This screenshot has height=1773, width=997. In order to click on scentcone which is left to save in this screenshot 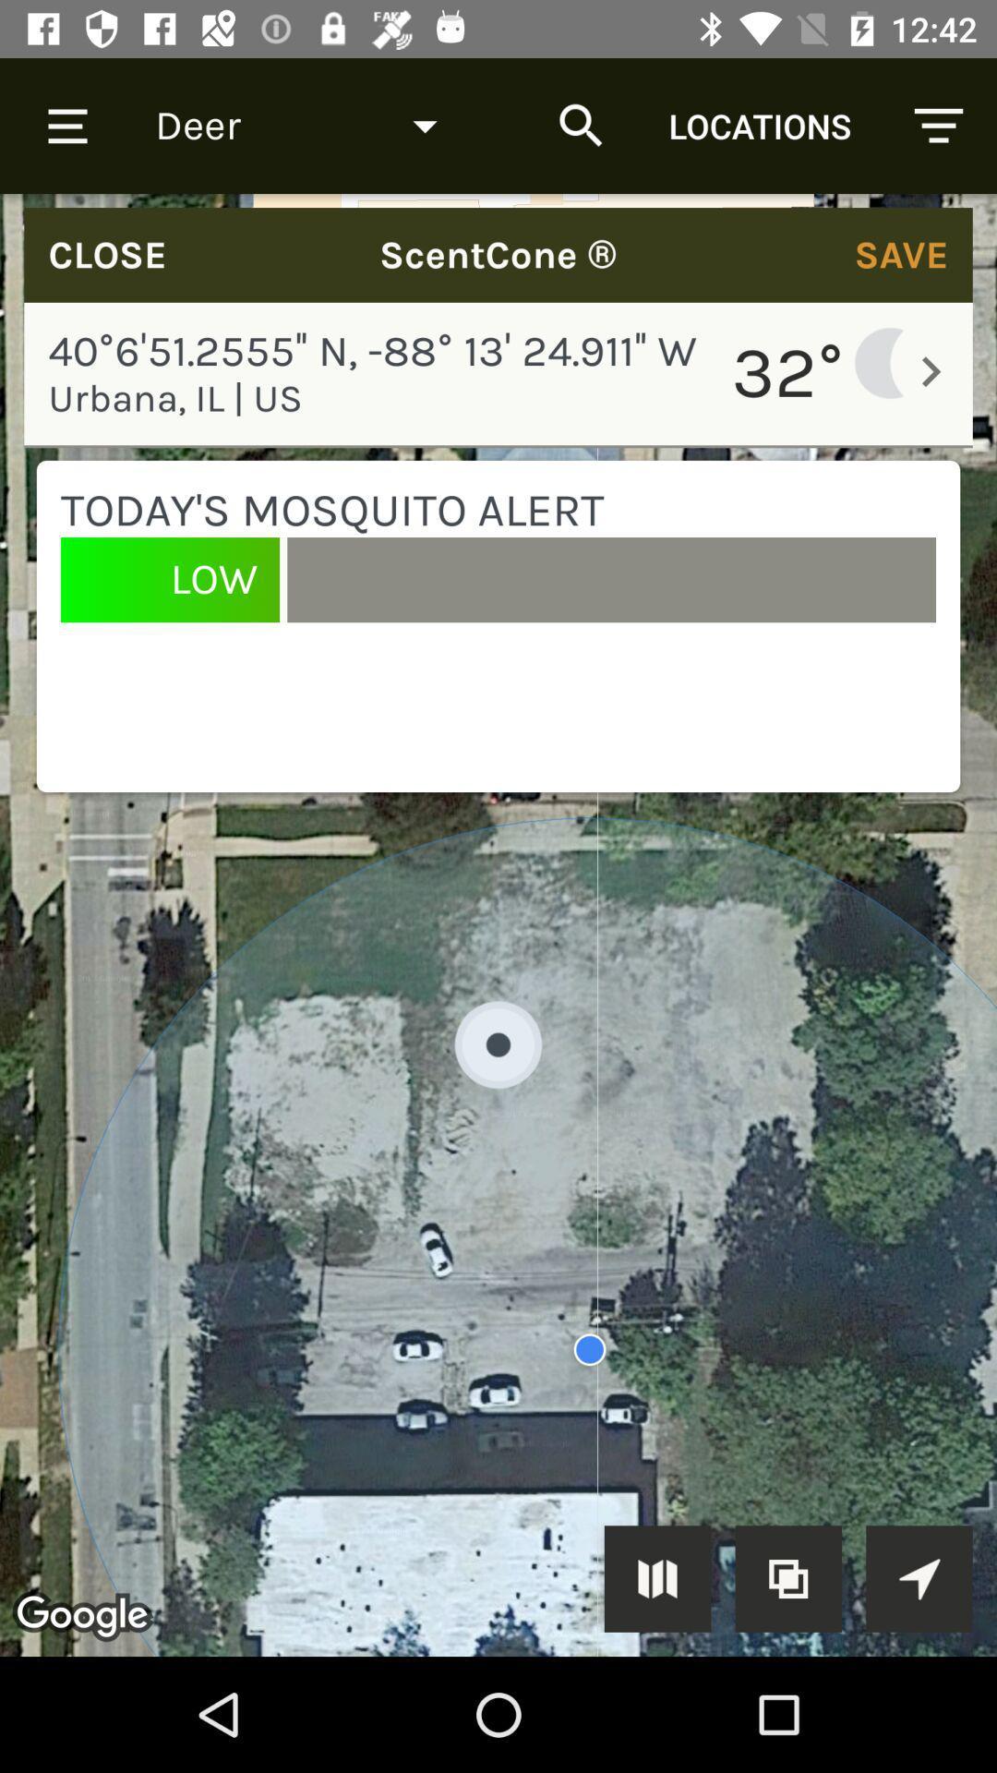, I will do `click(498, 254)`.